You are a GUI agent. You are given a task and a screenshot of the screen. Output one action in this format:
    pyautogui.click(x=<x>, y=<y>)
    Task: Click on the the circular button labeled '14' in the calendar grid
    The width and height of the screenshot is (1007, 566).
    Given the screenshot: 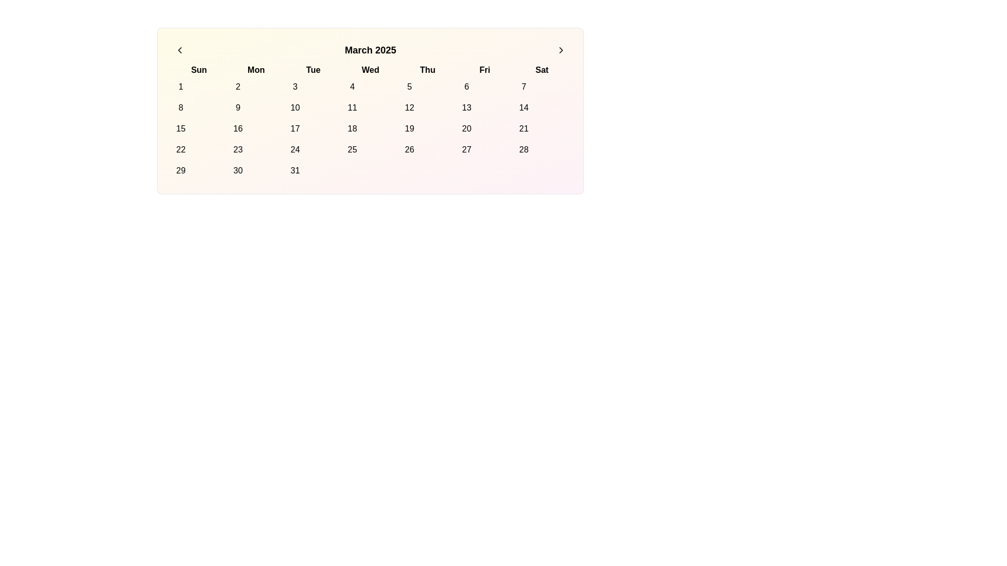 What is the action you would take?
    pyautogui.click(x=523, y=107)
    